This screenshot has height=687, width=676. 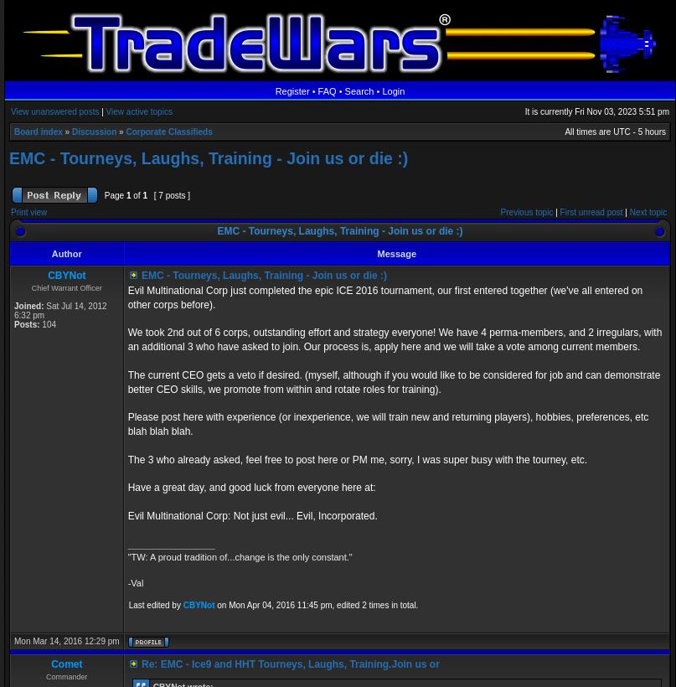 I want to click on 'Posts:', so click(x=27, y=324).